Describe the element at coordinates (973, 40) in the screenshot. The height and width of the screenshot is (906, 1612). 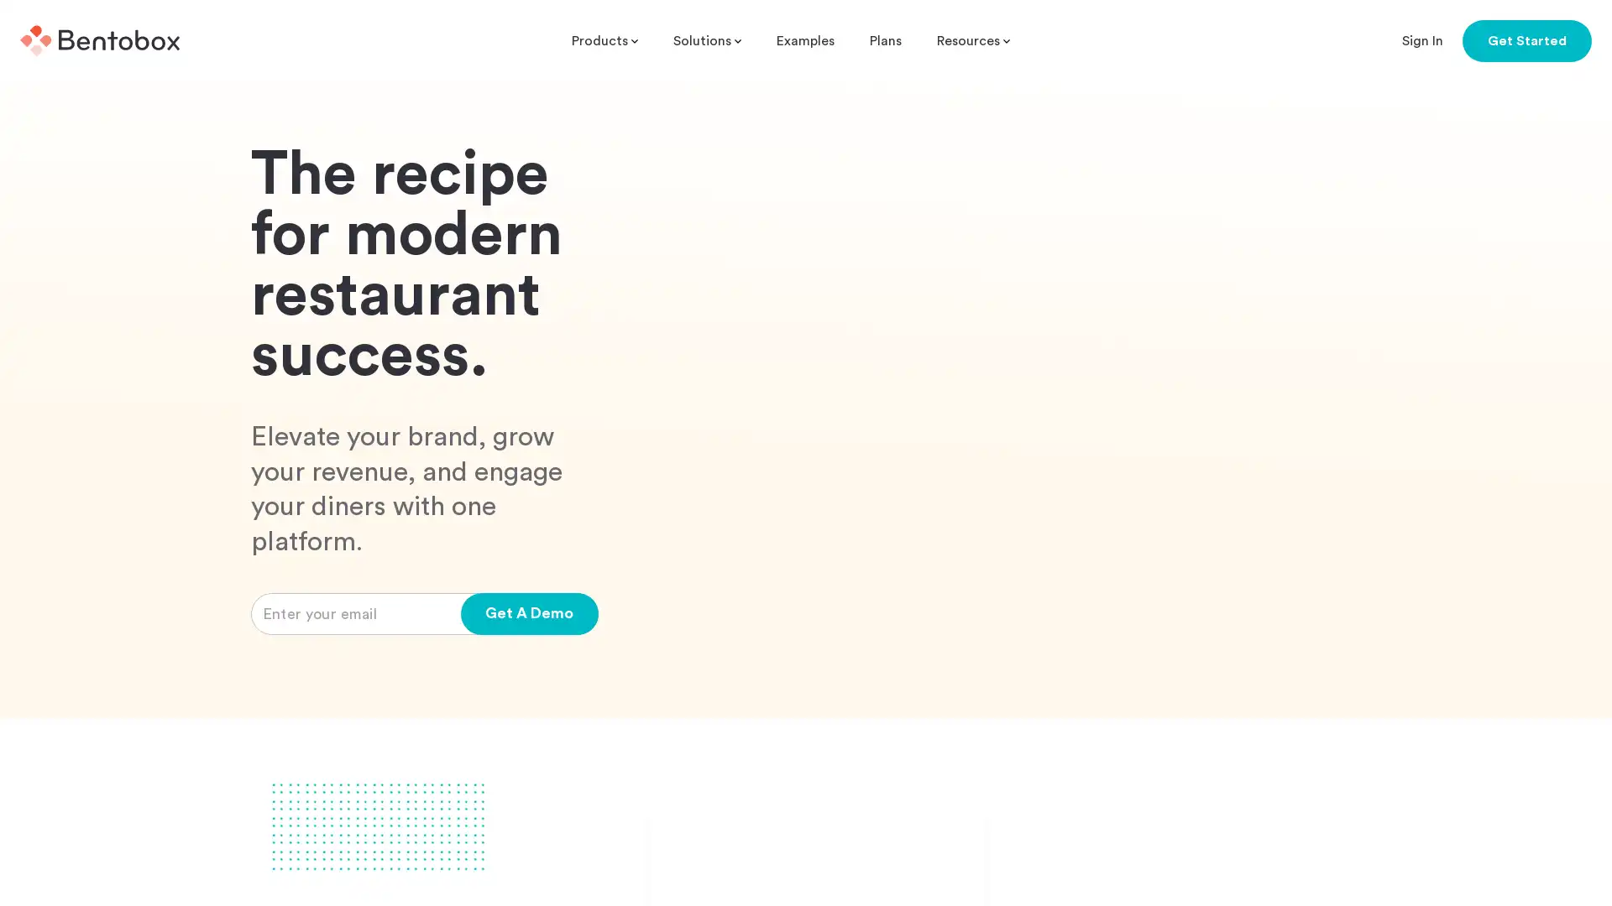
I see `Resources` at that location.